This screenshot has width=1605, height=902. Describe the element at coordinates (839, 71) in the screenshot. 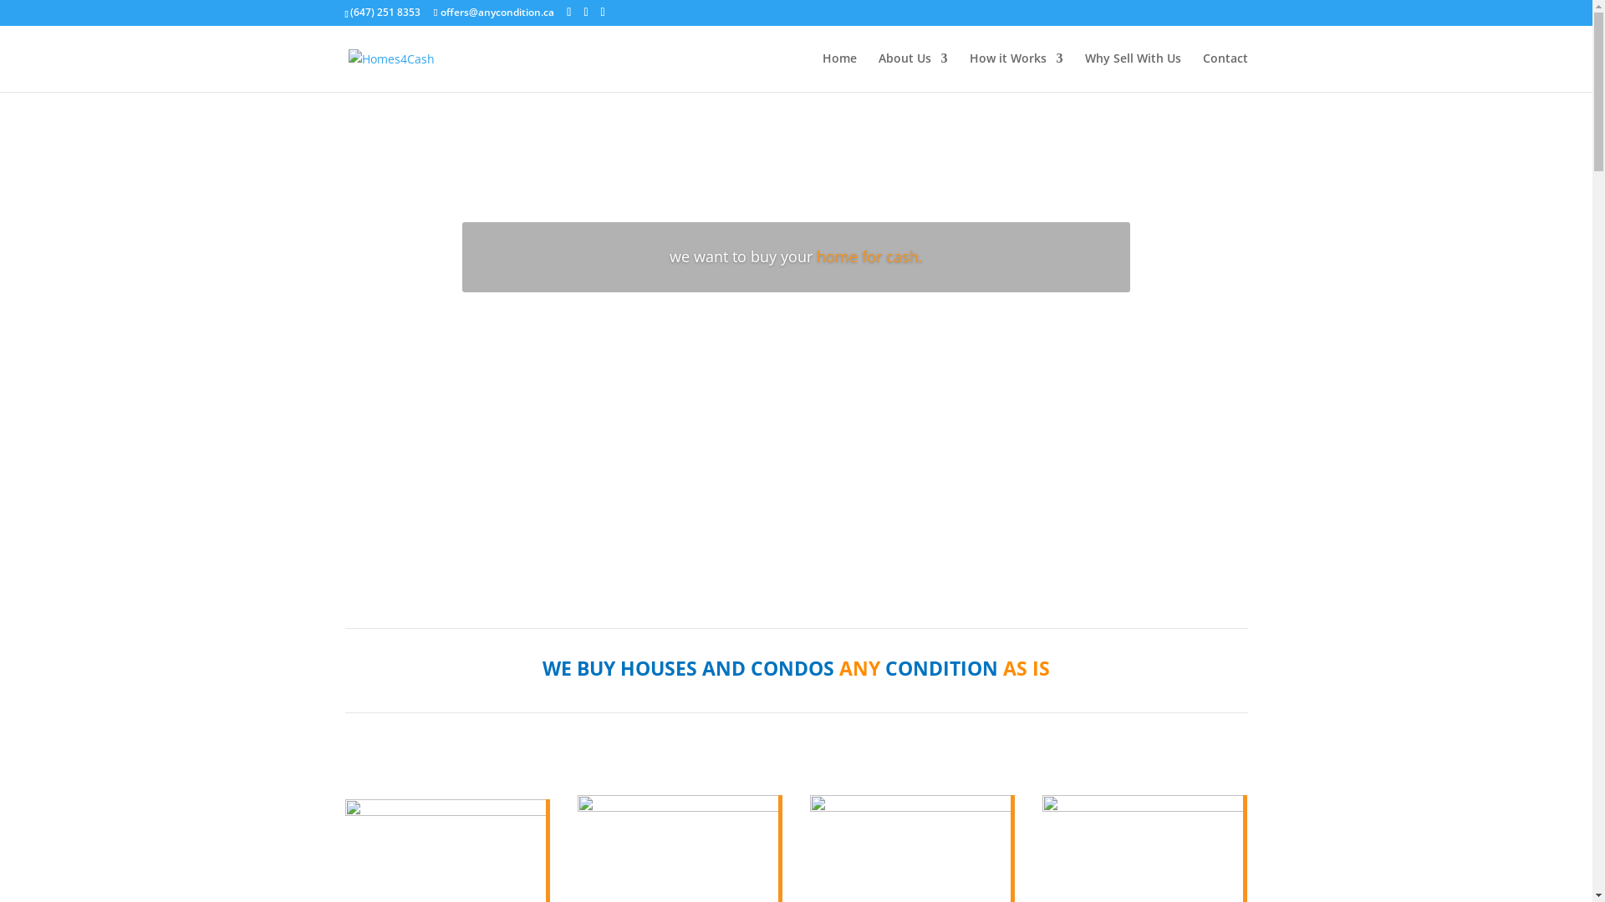

I see `'Home'` at that location.